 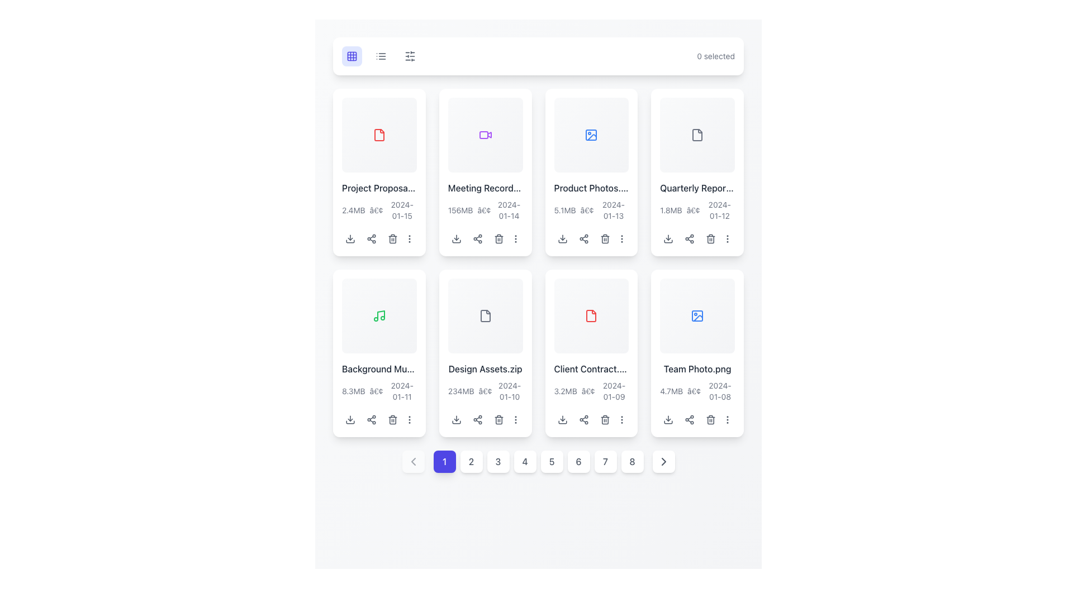 I want to click on compact text block displaying file-related metadata formatted as 'size • date' with the text '234MB • 2024-01-10', located below the file name 'Design Assets.zip', so click(x=485, y=390).